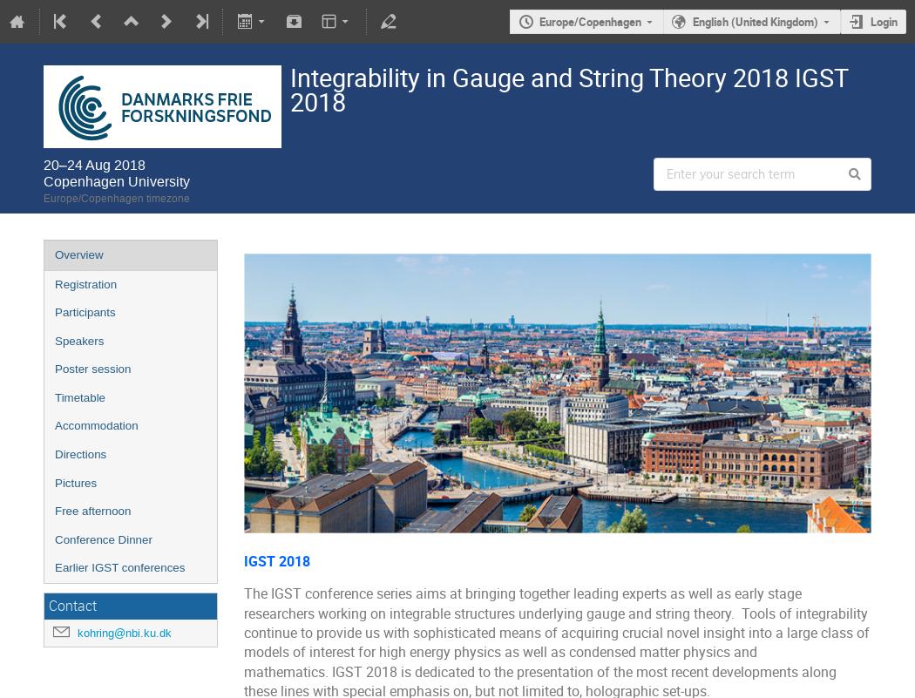  What do you see at coordinates (78, 631) in the screenshot?
I see `'kohring@nbi.ku.dk'` at bounding box center [78, 631].